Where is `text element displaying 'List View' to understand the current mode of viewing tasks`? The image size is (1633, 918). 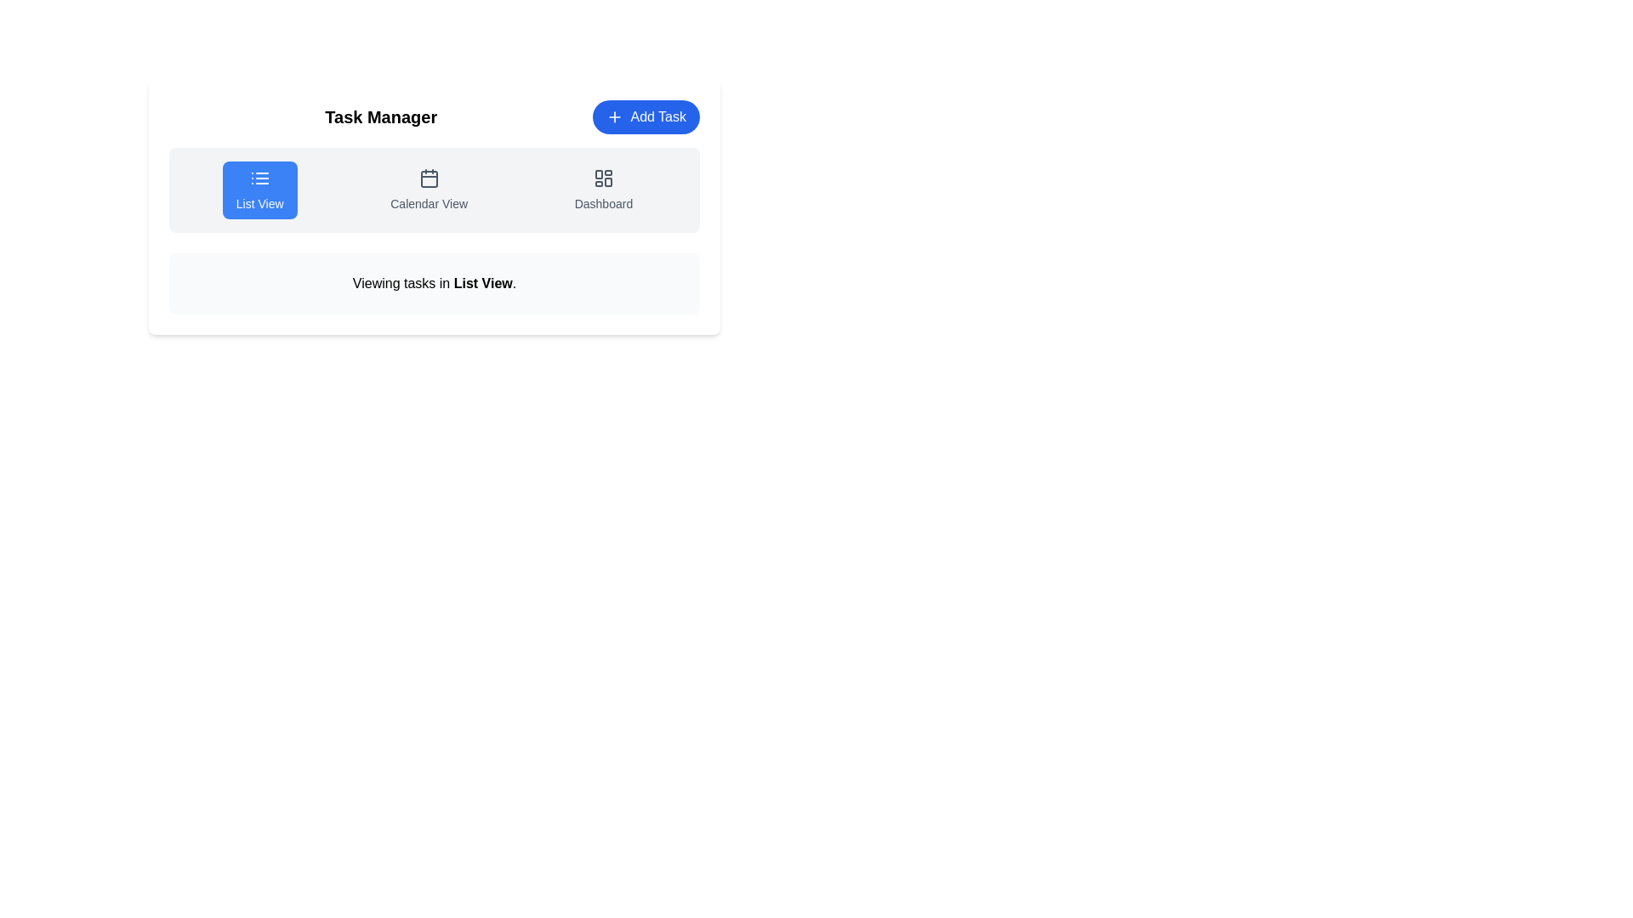
text element displaying 'List View' to understand the current mode of viewing tasks is located at coordinates (482, 282).